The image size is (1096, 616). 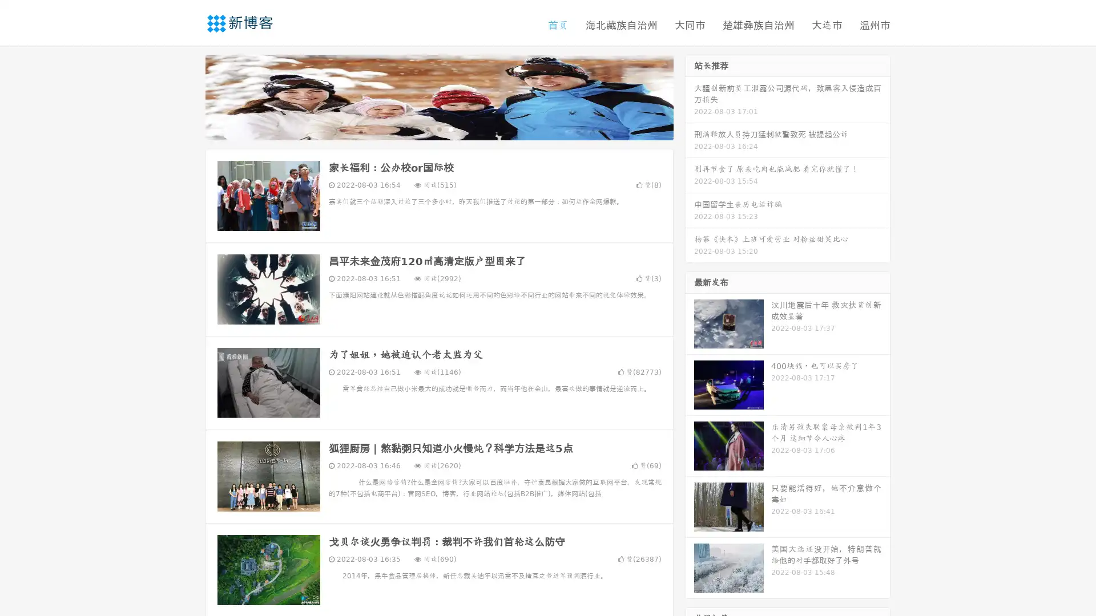 What do you see at coordinates (438, 128) in the screenshot?
I see `Go to slide 2` at bounding box center [438, 128].